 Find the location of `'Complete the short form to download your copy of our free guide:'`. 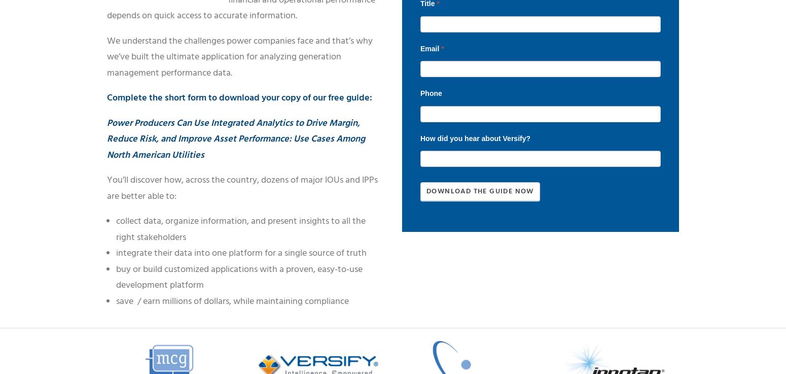

'Complete the short form to download your copy of our free guide:' is located at coordinates (106, 97).